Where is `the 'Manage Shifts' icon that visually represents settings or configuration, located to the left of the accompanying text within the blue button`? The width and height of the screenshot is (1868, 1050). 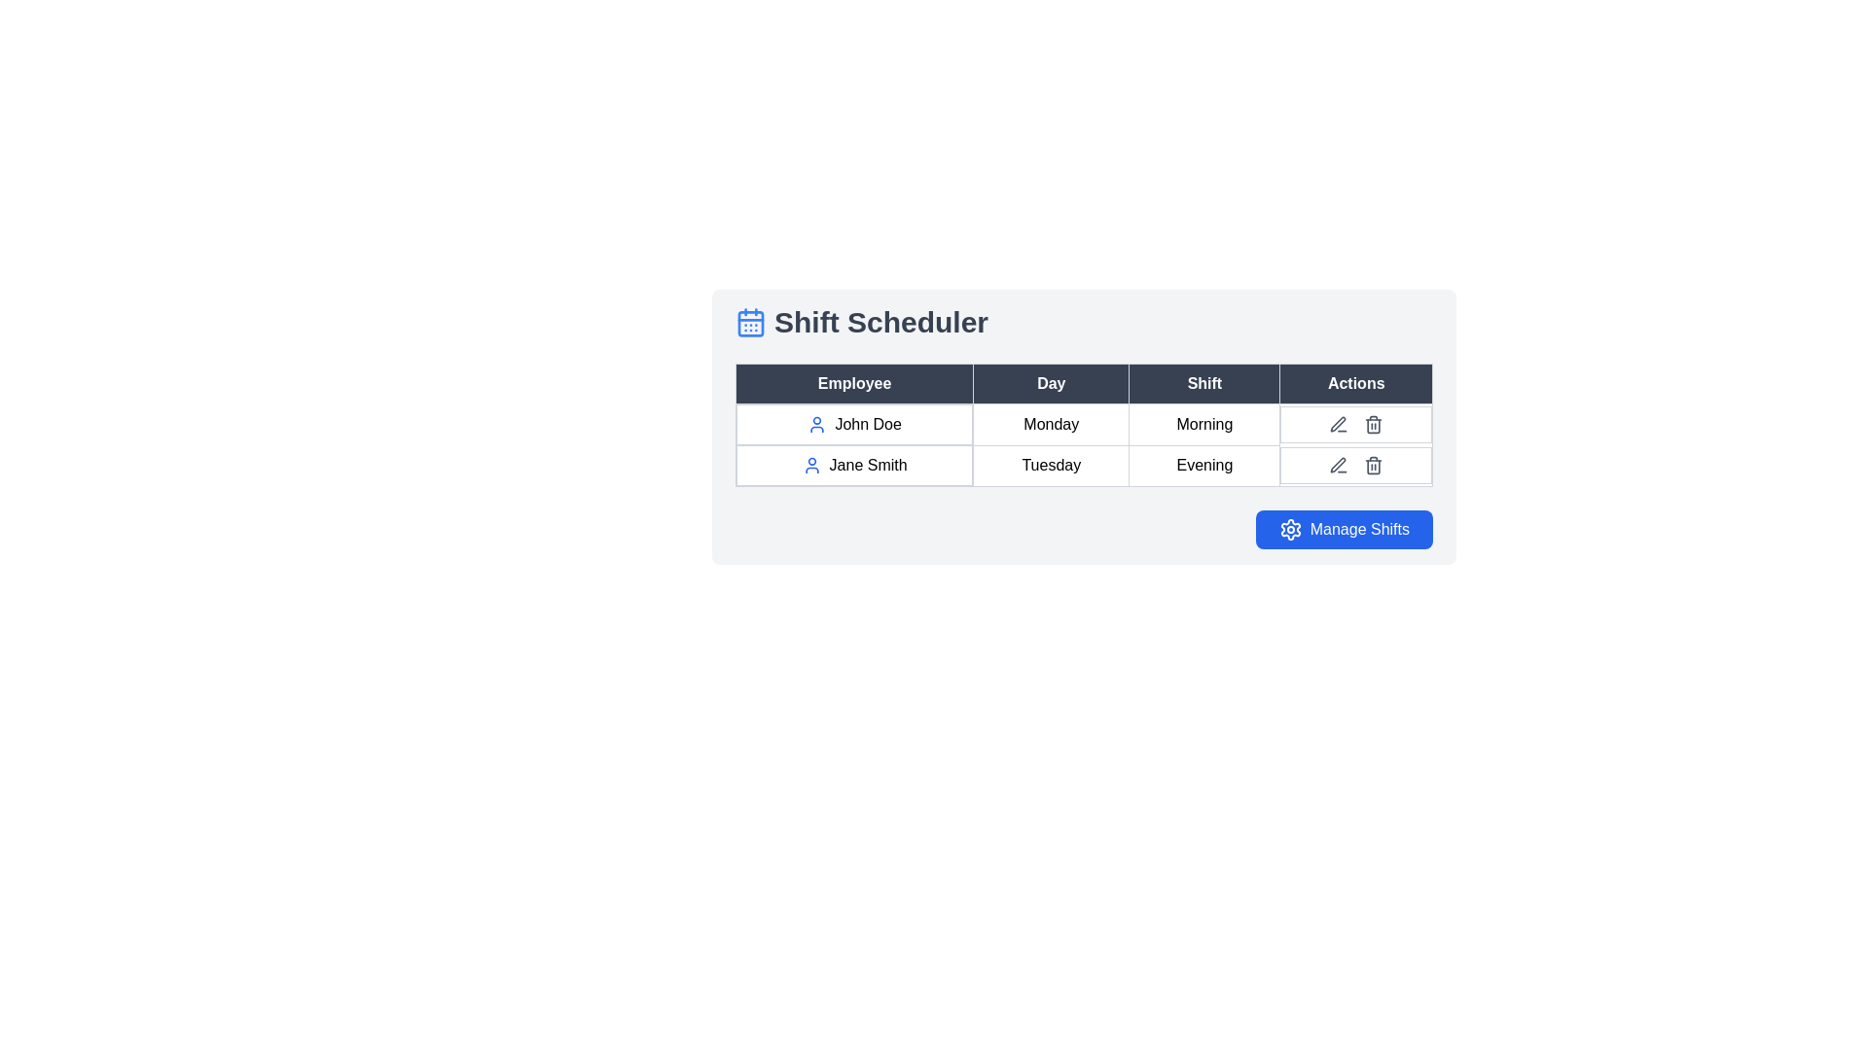
the 'Manage Shifts' icon that visually represents settings or configuration, located to the left of the accompanying text within the blue button is located at coordinates (1290, 529).